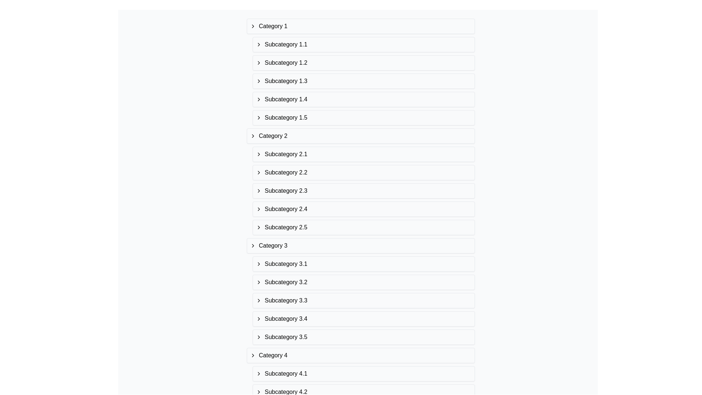 Image resolution: width=702 pixels, height=395 pixels. What do you see at coordinates (253, 136) in the screenshot?
I see `the expandability icon located to the left of the text 'Category 2'` at bounding box center [253, 136].